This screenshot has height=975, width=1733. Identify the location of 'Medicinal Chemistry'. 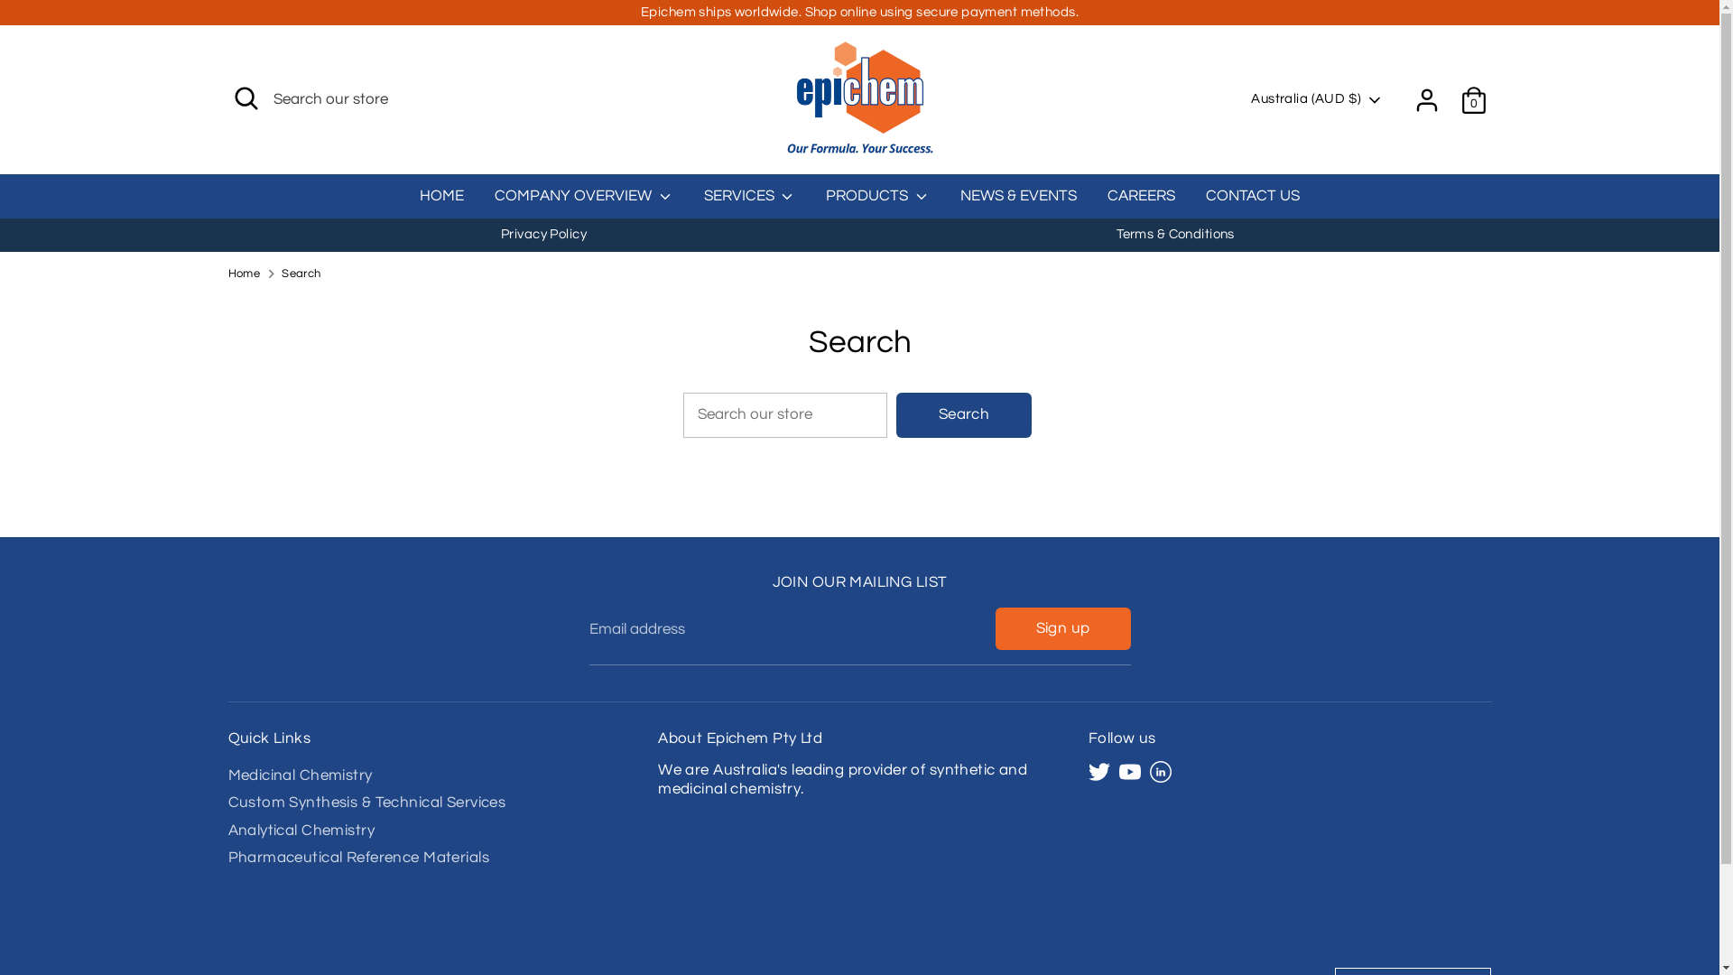
(299, 775).